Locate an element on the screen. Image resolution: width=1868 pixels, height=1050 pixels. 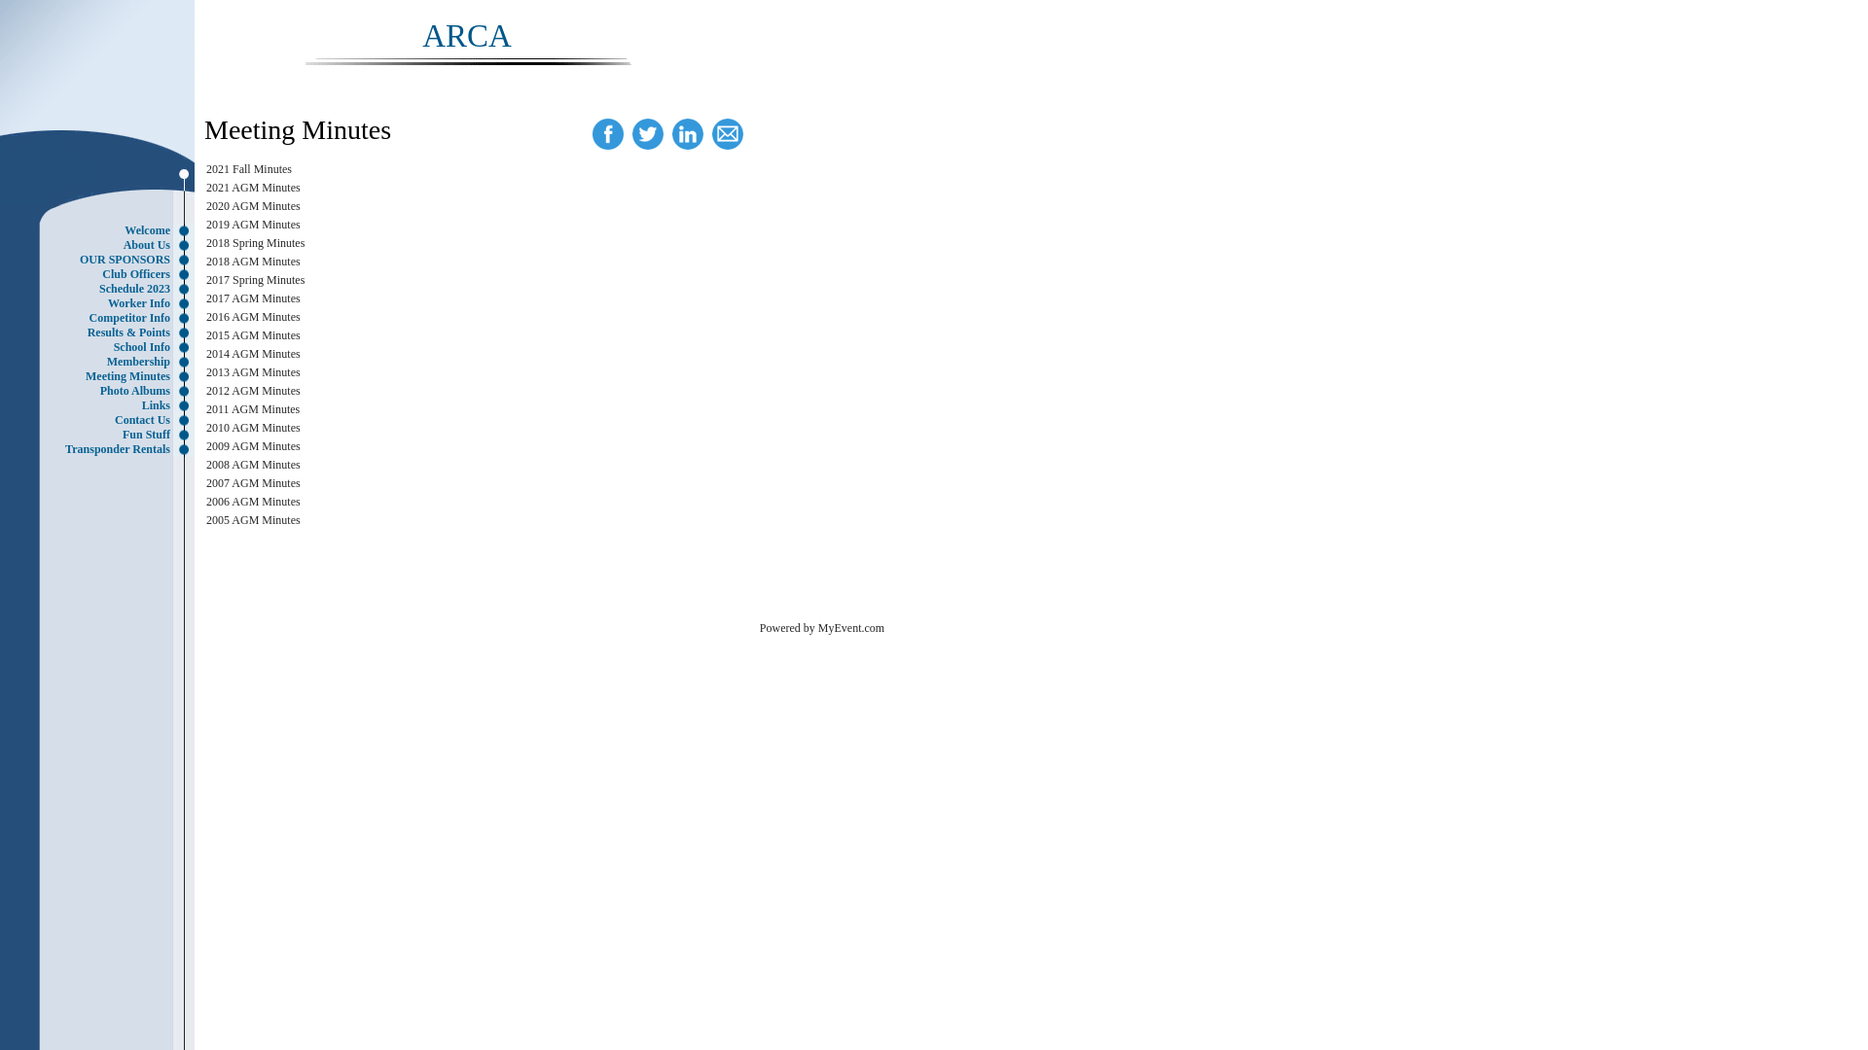
'Welcome' is located at coordinates (101, 229).